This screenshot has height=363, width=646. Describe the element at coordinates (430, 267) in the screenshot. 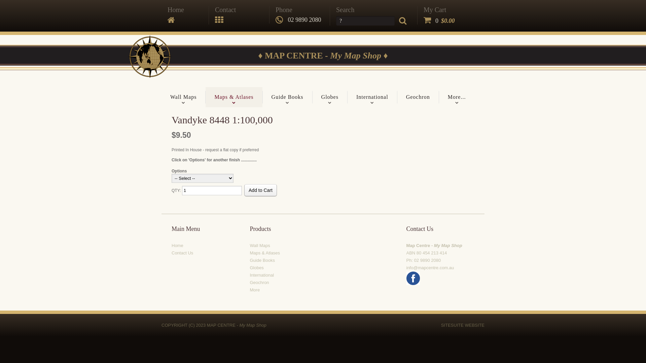

I see `'info@mapcentre.com.au'` at that location.